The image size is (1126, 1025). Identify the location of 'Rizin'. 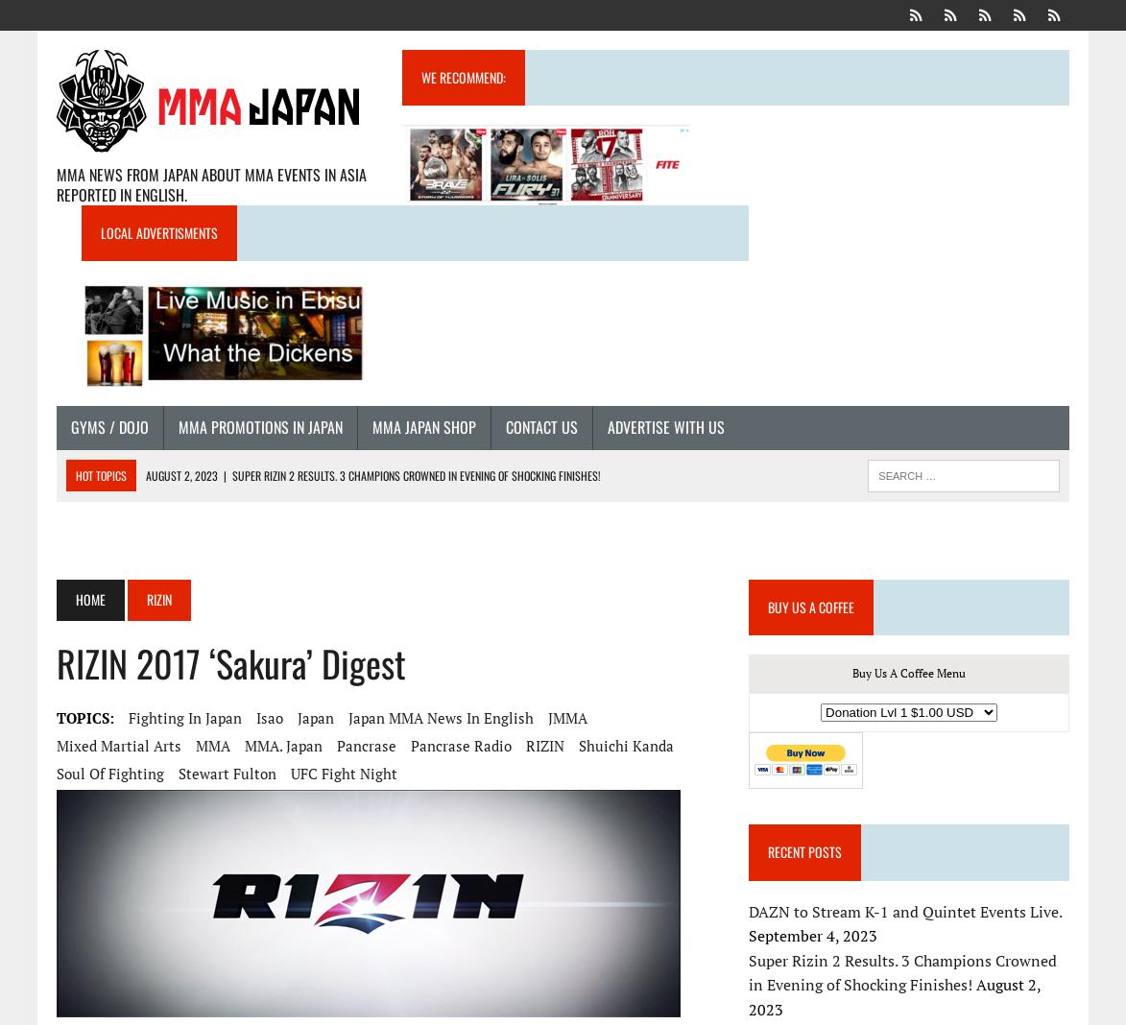
(158, 598).